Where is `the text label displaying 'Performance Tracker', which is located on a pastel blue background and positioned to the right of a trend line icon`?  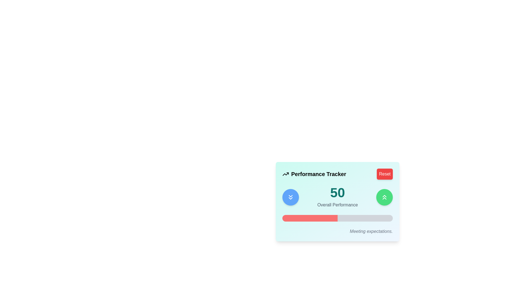
the text label displaying 'Performance Tracker', which is located on a pastel blue background and positioned to the right of a trend line icon is located at coordinates (319, 174).